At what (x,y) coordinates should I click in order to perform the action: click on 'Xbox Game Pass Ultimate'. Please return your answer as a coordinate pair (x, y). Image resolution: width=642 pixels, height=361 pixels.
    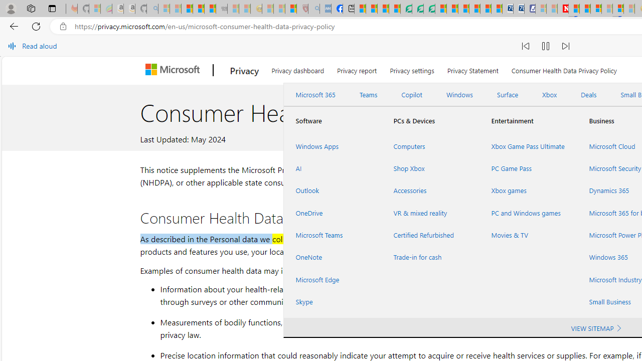
    Looking at the image, I should click on (527, 146).